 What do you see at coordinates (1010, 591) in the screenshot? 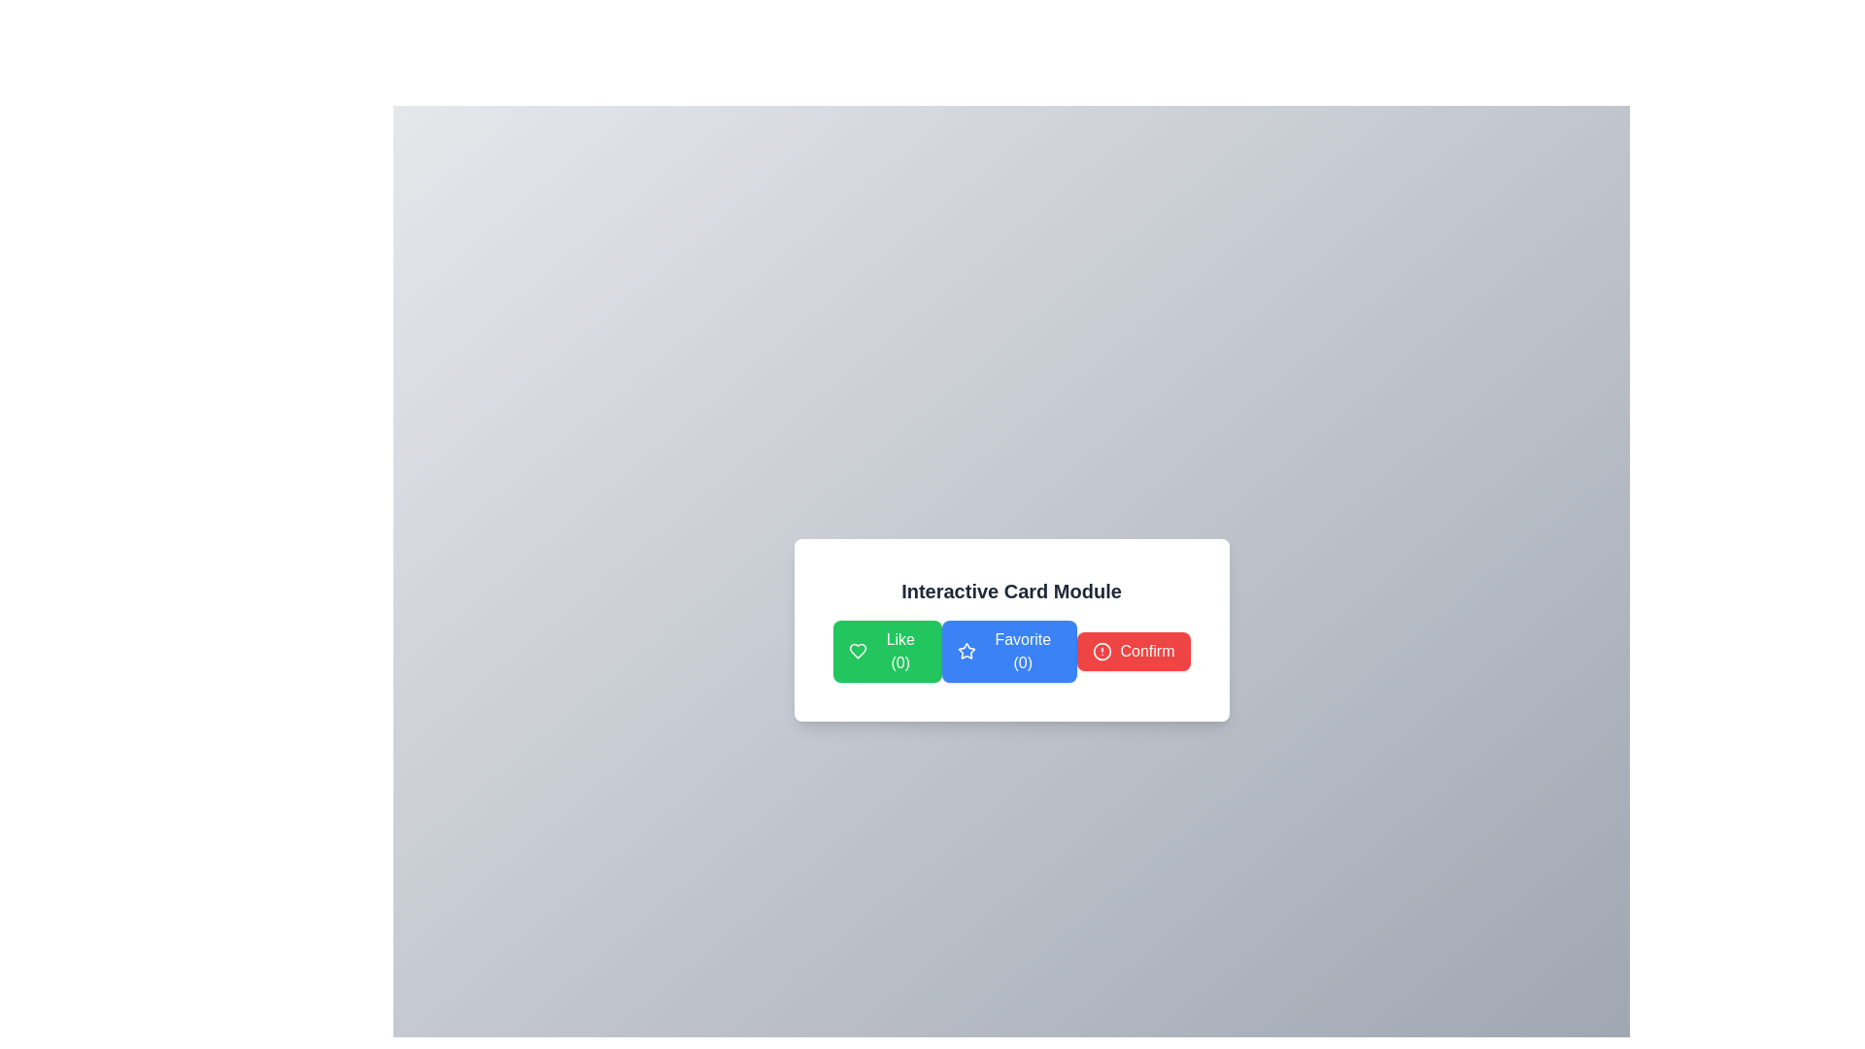
I see `header text displaying 'Interactive Card Module' which is located at the top of the white card interface` at bounding box center [1010, 591].